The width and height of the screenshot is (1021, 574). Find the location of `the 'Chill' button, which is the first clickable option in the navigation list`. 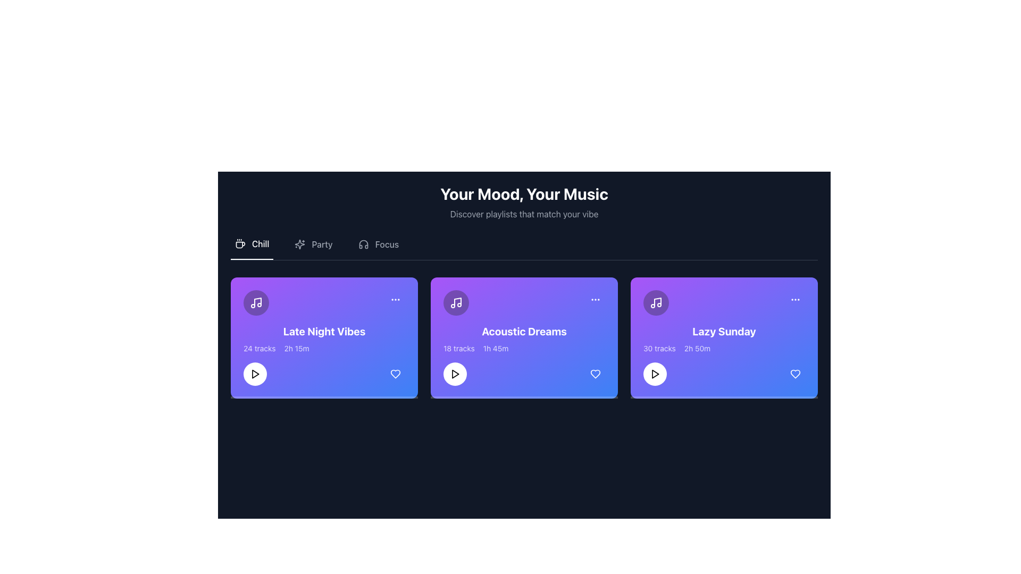

the 'Chill' button, which is the first clickable option in the navigation list is located at coordinates (252, 248).